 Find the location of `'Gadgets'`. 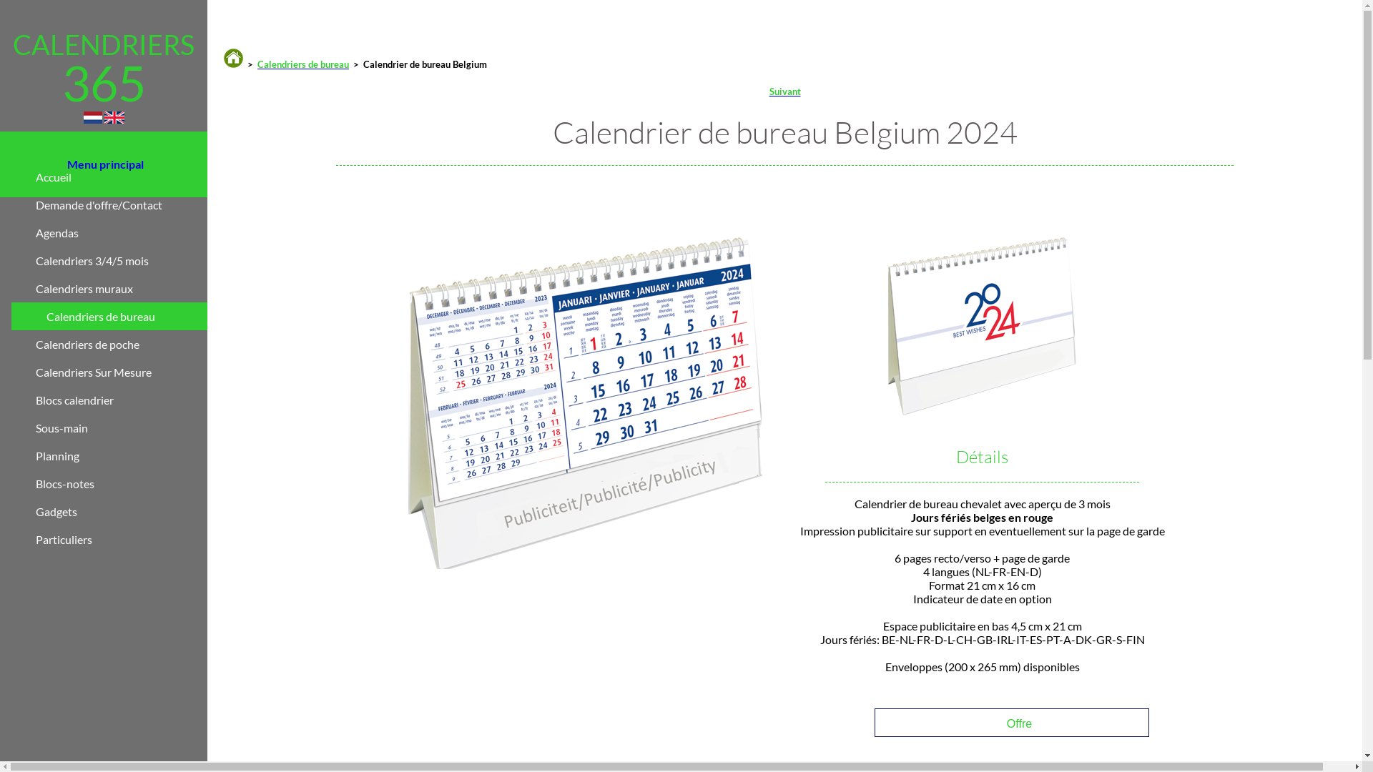

'Gadgets' is located at coordinates (121, 510).